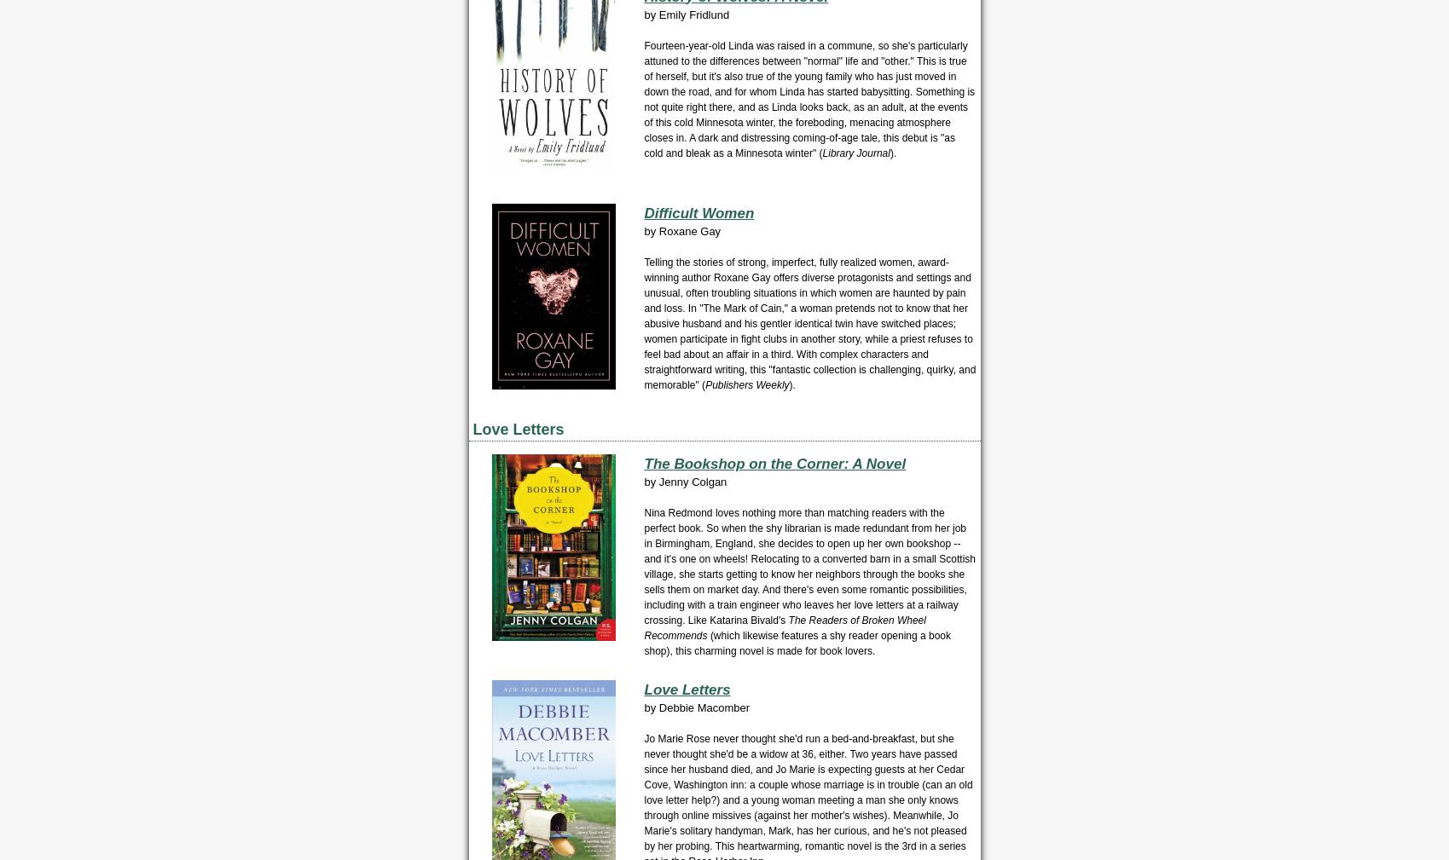  What do you see at coordinates (809, 376) in the screenshot?
I see `'fantastic collection is challenging, quirky, and memorable" ('` at bounding box center [809, 376].